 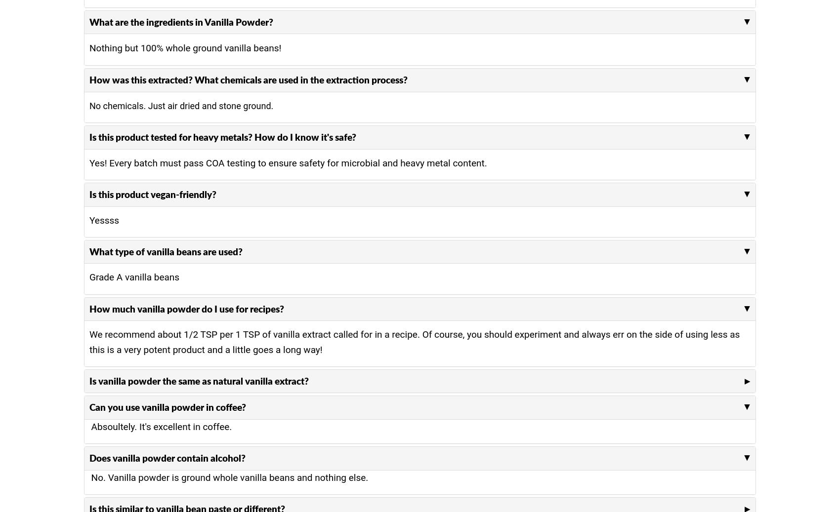 I want to click on 'Nothing but 100% whole ground vanilla beans!', so click(x=185, y=47).